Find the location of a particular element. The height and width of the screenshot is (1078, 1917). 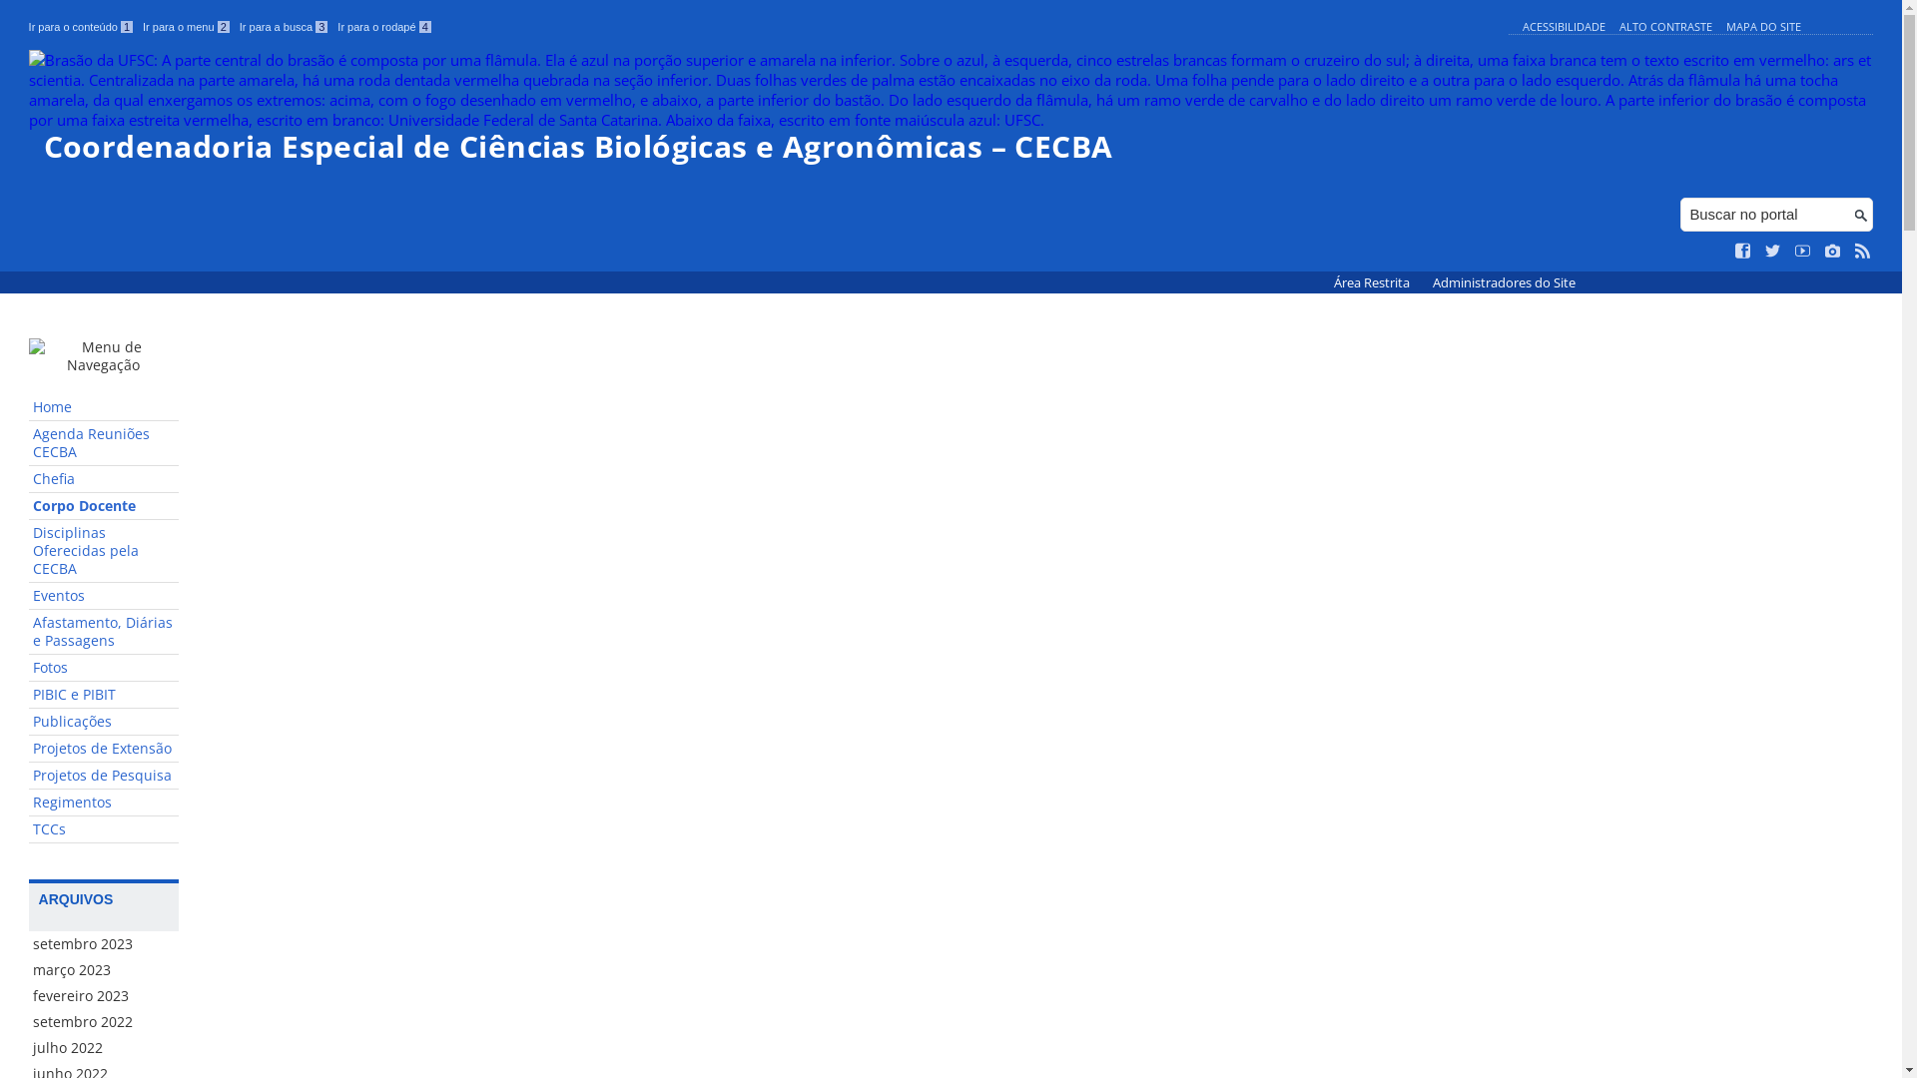

'setembro 2023' is located at coordinates (103, 943).